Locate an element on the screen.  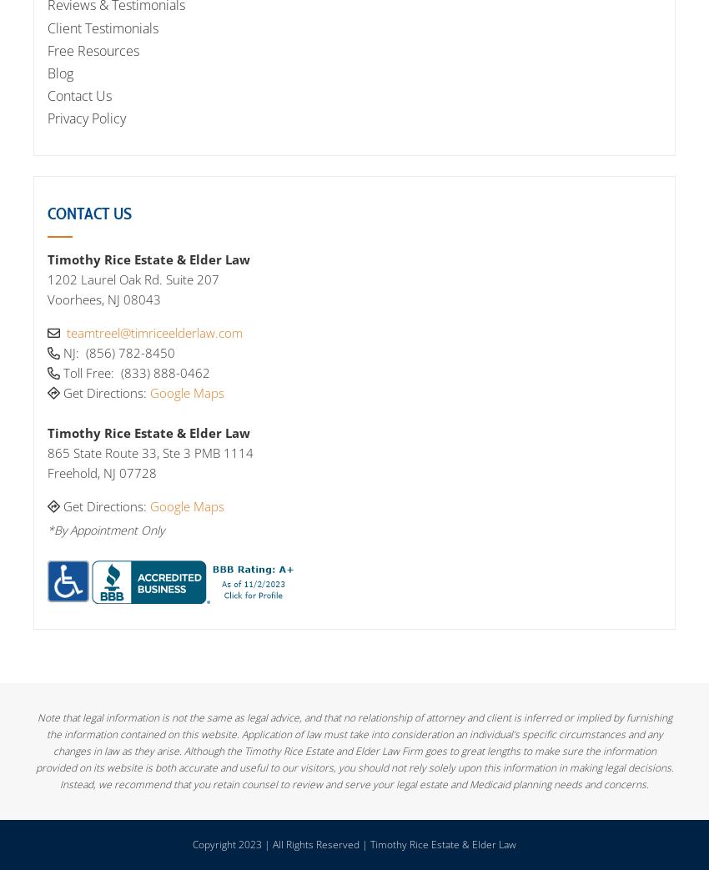
'Freehold' is located at coordinates (72, 472).